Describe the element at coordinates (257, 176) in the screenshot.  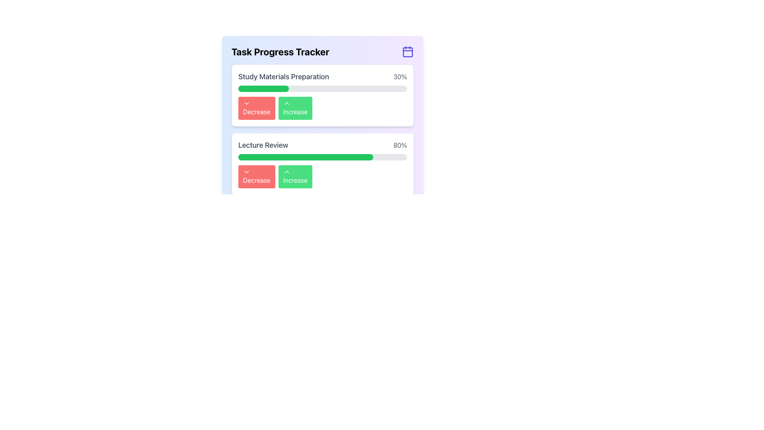
I see `the decrement button located in the control section for the 'Lecture Review' task to enable keyboard navigation` at that location.